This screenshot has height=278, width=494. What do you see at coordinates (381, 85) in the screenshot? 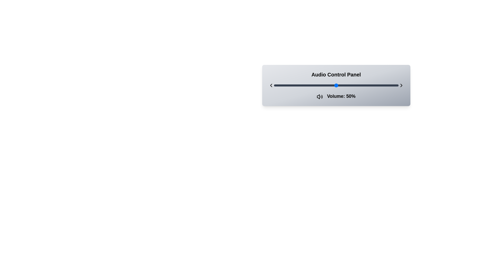
I see `the slider` at bounding box center [381, 85].